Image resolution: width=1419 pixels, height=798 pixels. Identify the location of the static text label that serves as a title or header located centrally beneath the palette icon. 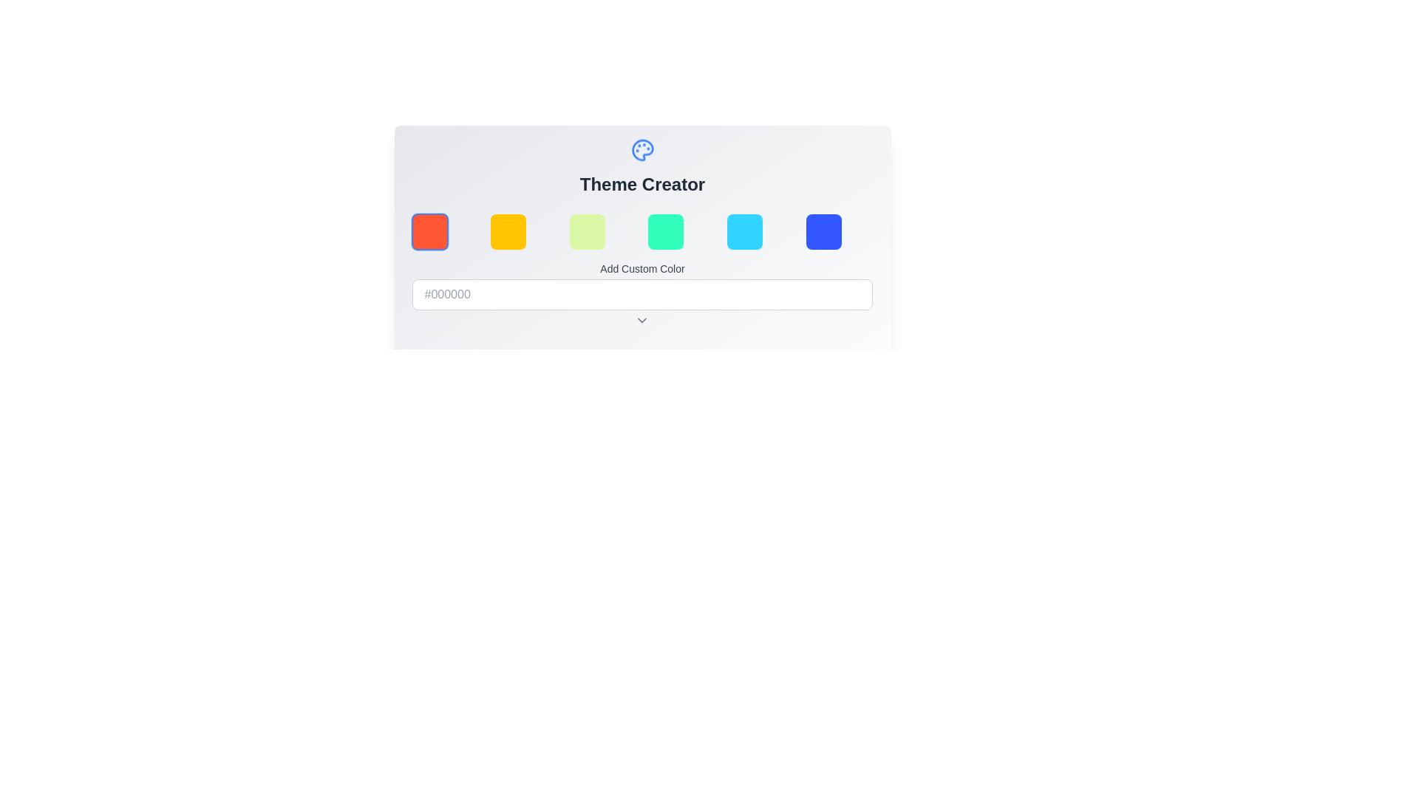
(642, 184).